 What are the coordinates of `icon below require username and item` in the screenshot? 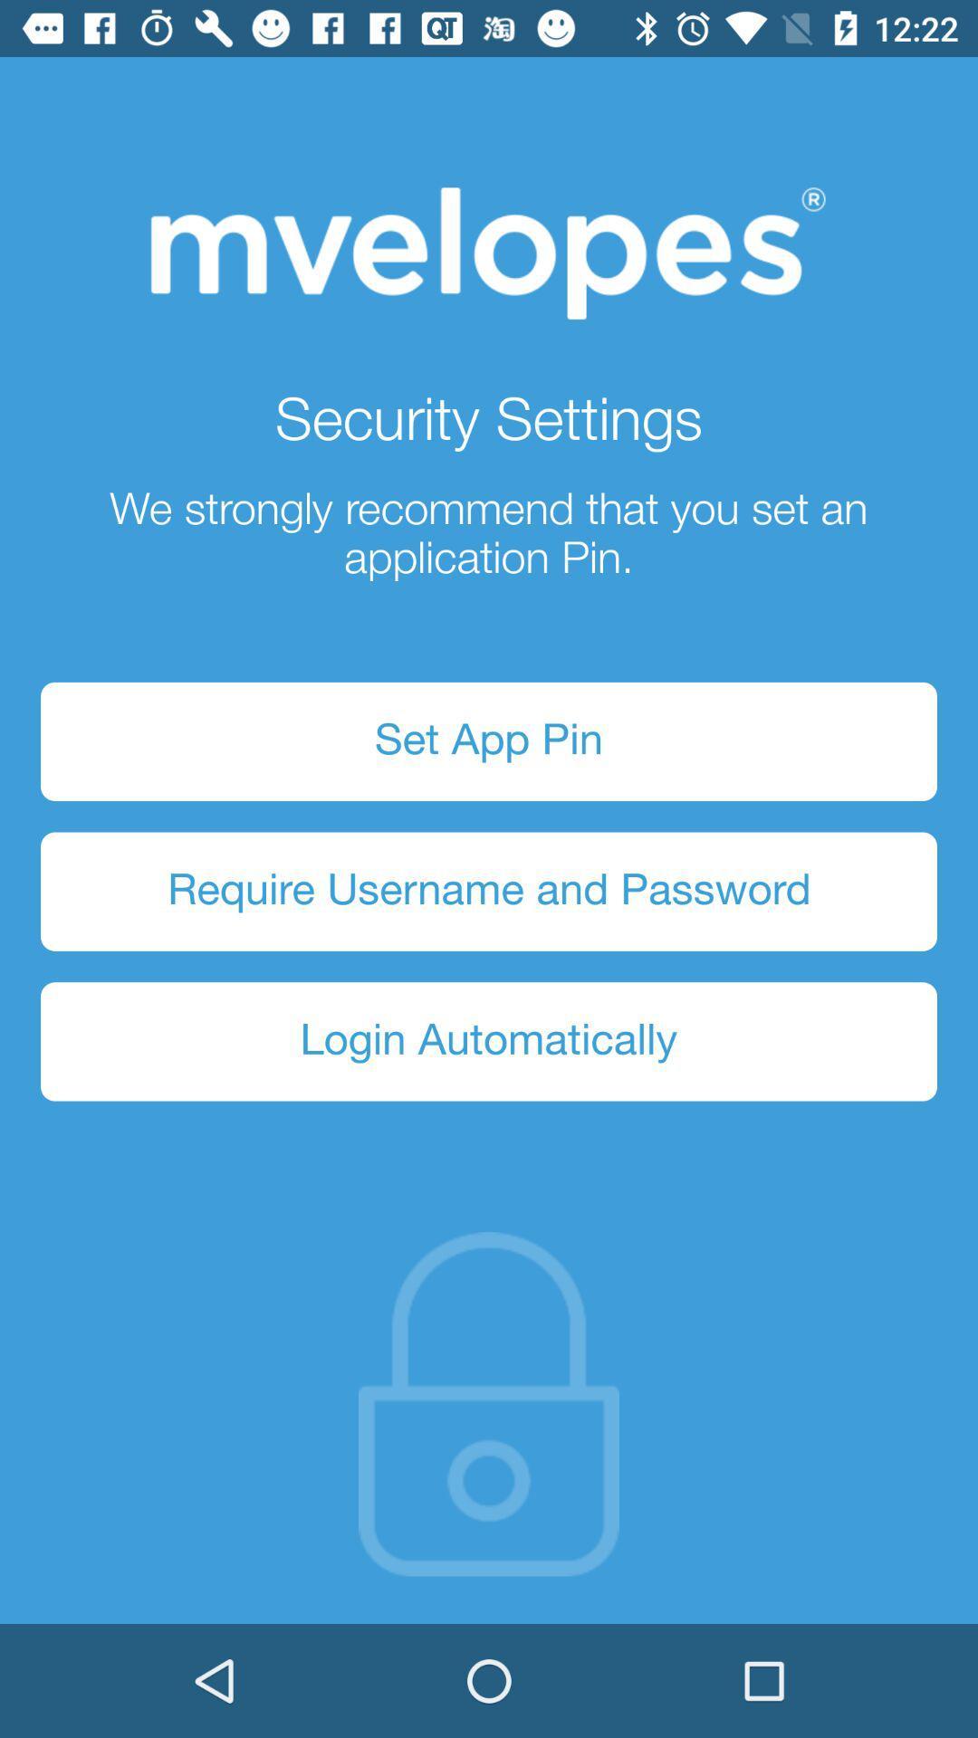 It's located at (489, 1041).